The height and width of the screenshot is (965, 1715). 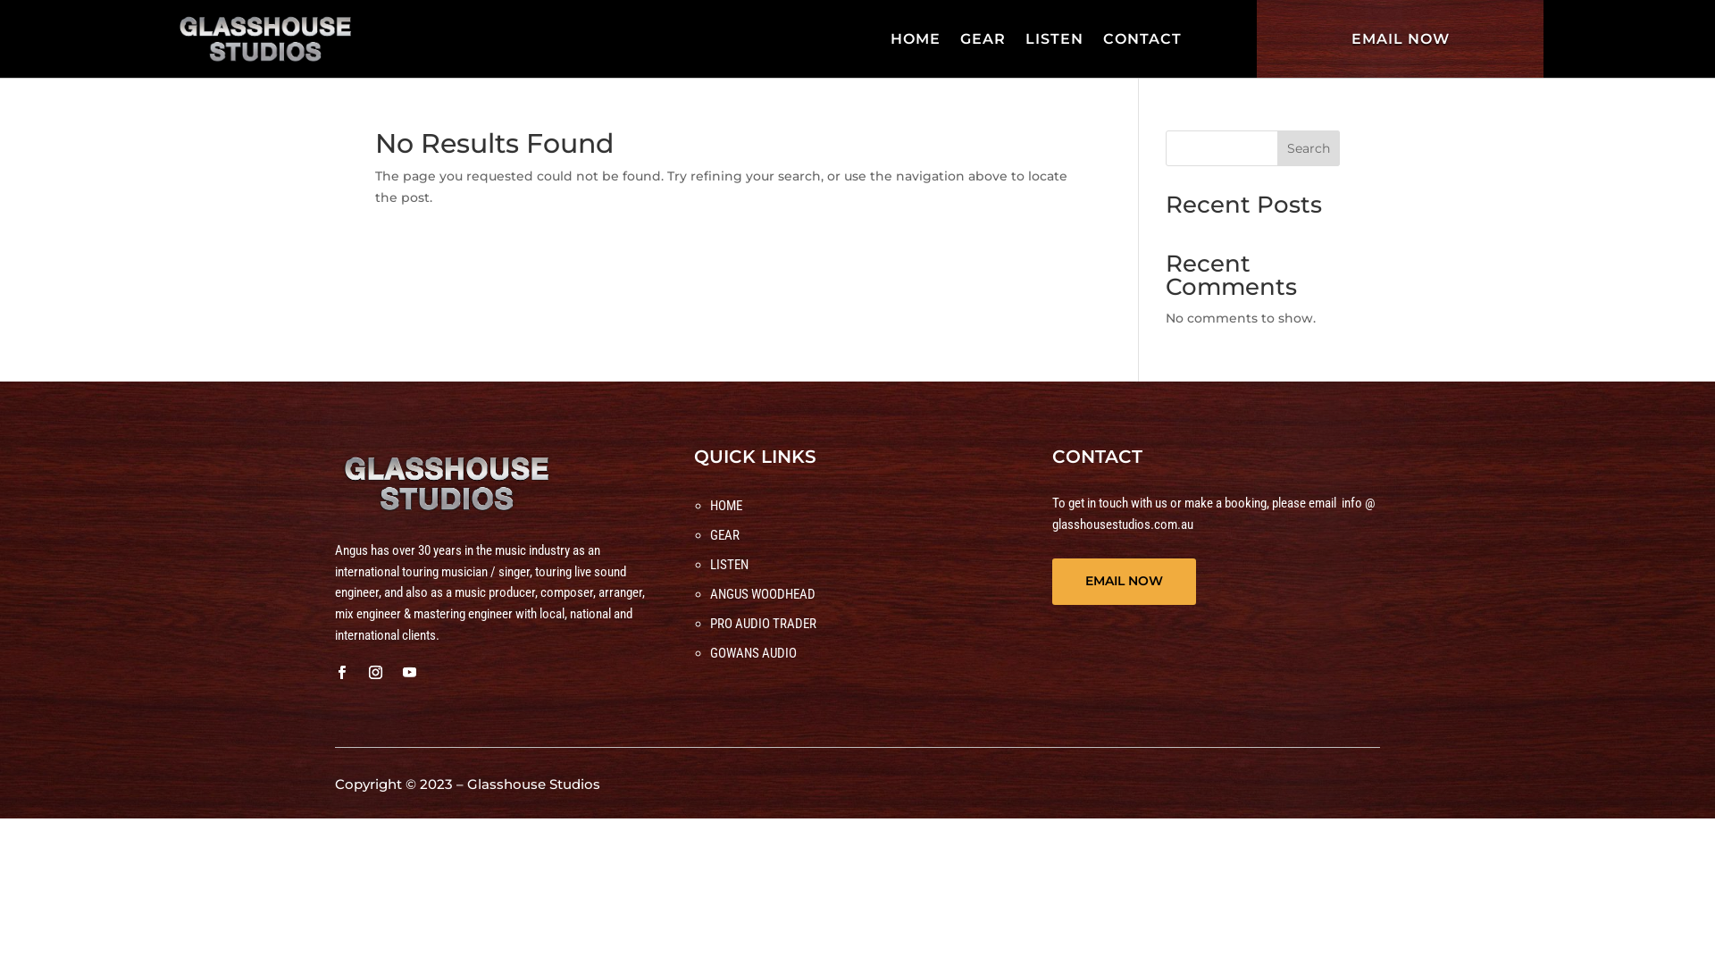 I want to click on 'Search', so click(x=1308, y=147).